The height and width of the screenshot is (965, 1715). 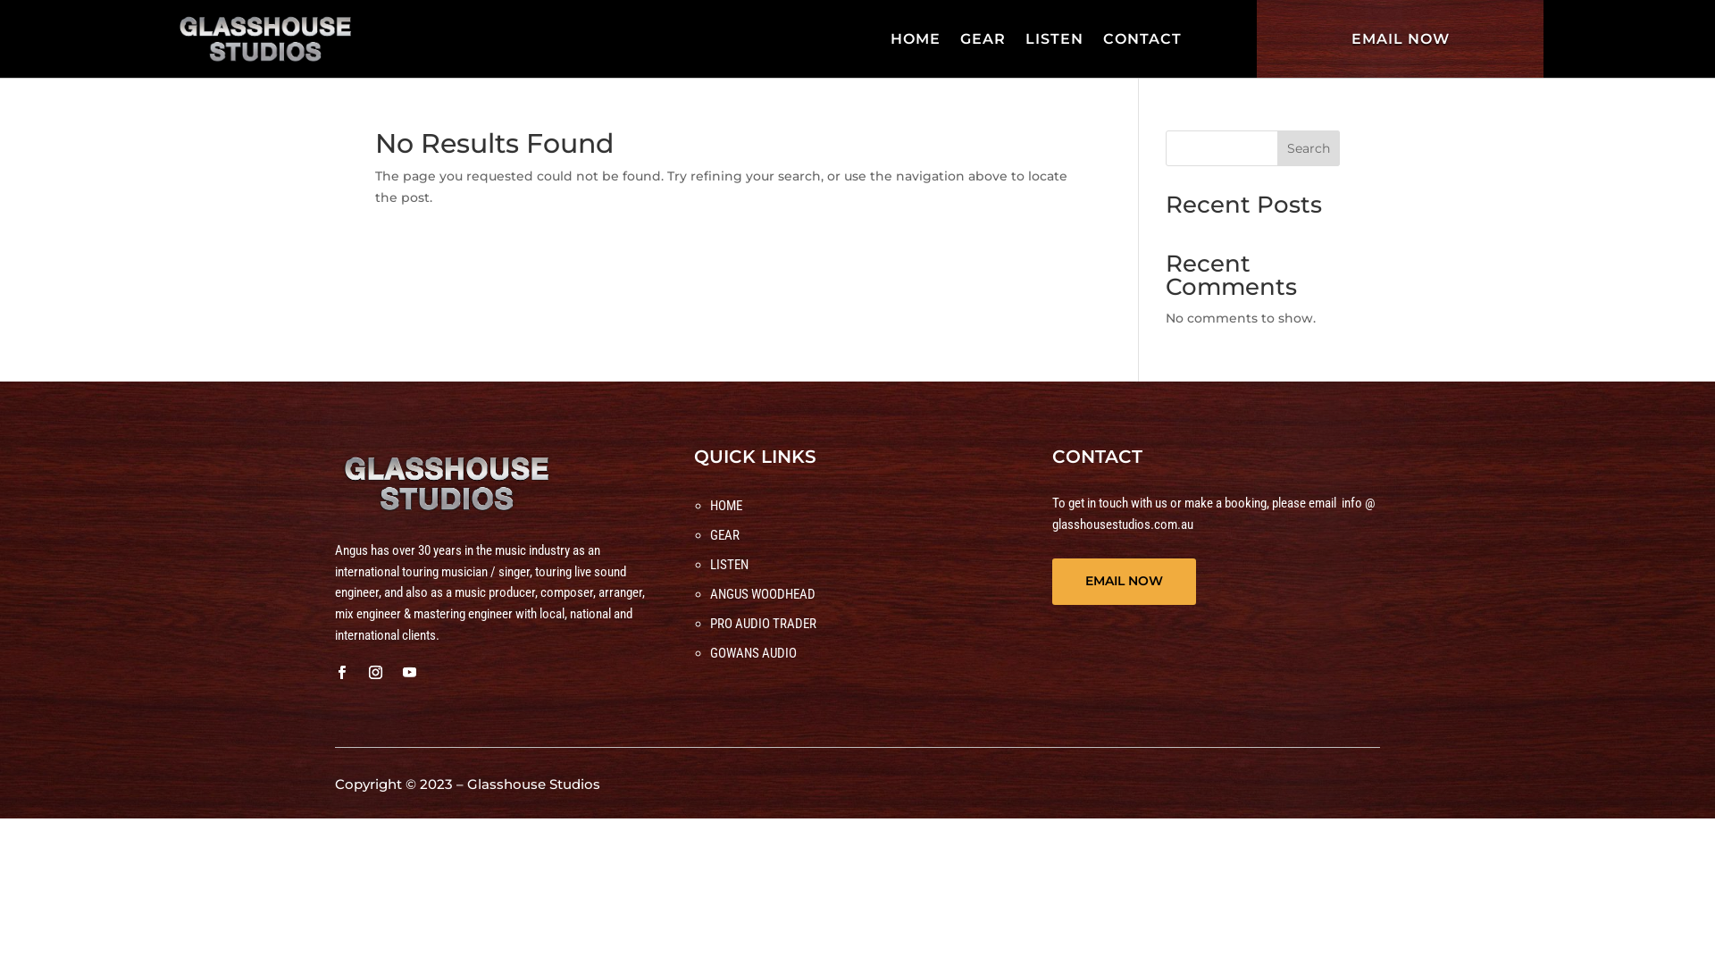 I want to click on 'Search', so click(x=1308, y=147).